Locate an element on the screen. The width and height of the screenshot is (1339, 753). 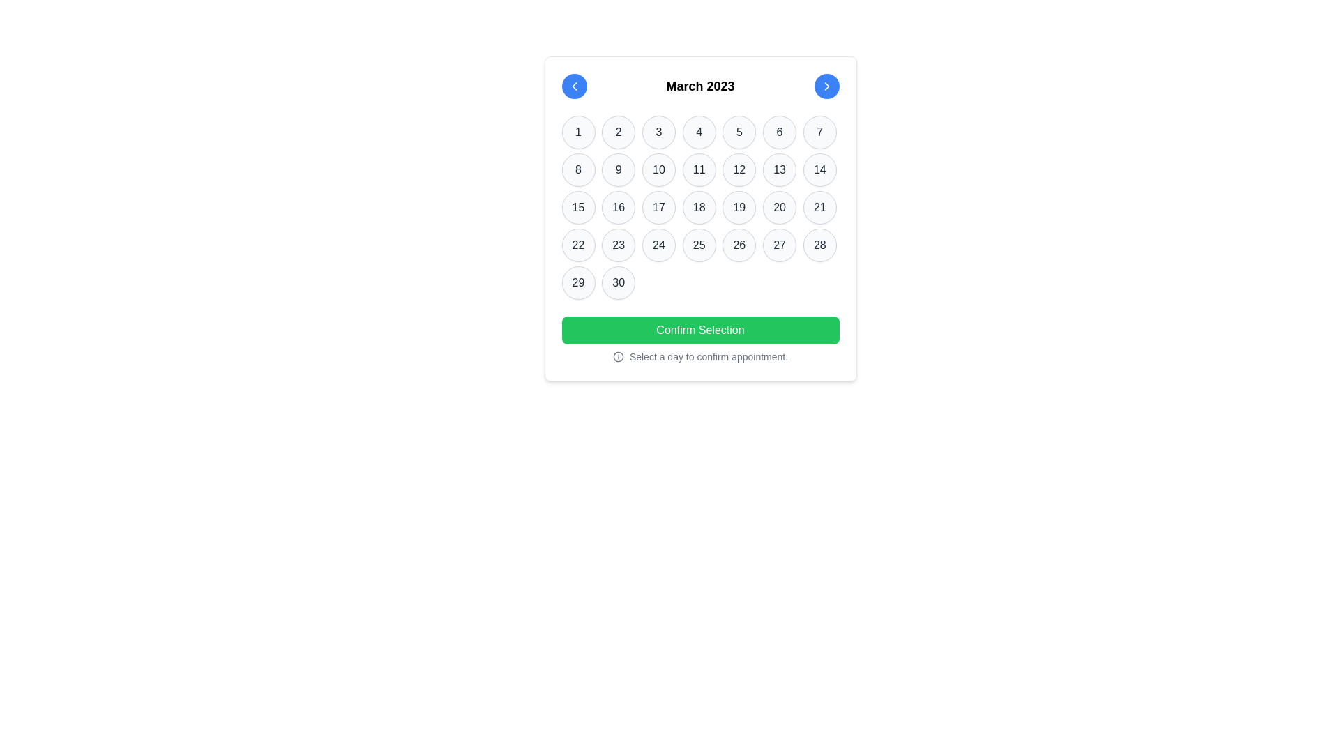
the circular blue button with a white leftward chevron icon located to the left of the title 'March 2023' is located at coordinates (574, 86).